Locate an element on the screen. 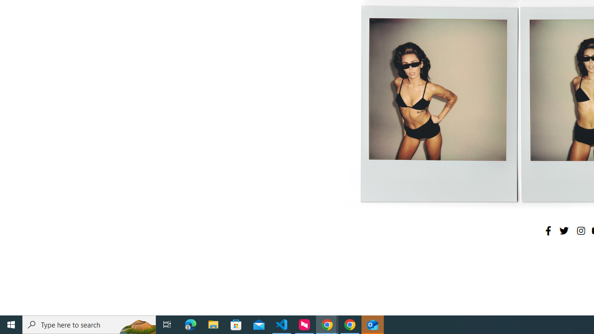 Image resolution: width=594 pixels, height=334 pixels. 'Instagram' is located at coordinates (580, 230).